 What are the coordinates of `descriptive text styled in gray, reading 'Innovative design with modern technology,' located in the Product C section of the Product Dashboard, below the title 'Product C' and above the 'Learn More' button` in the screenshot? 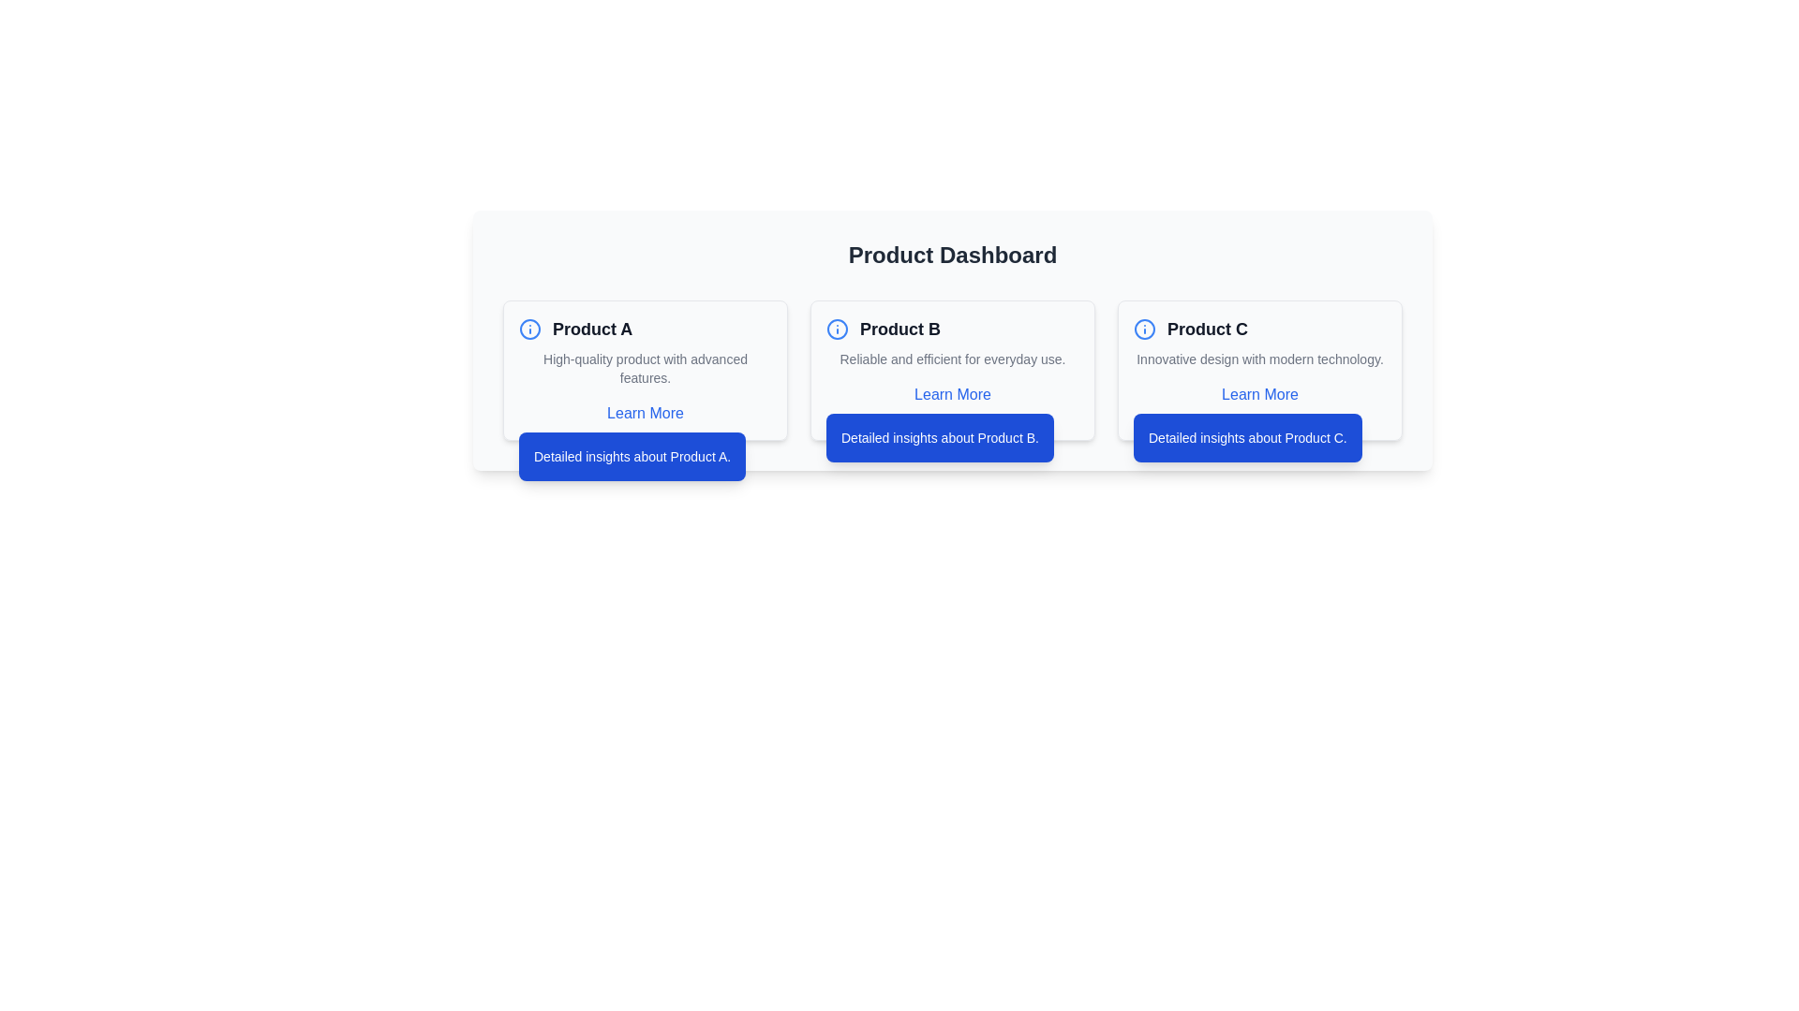 It's located at (1259, 359).